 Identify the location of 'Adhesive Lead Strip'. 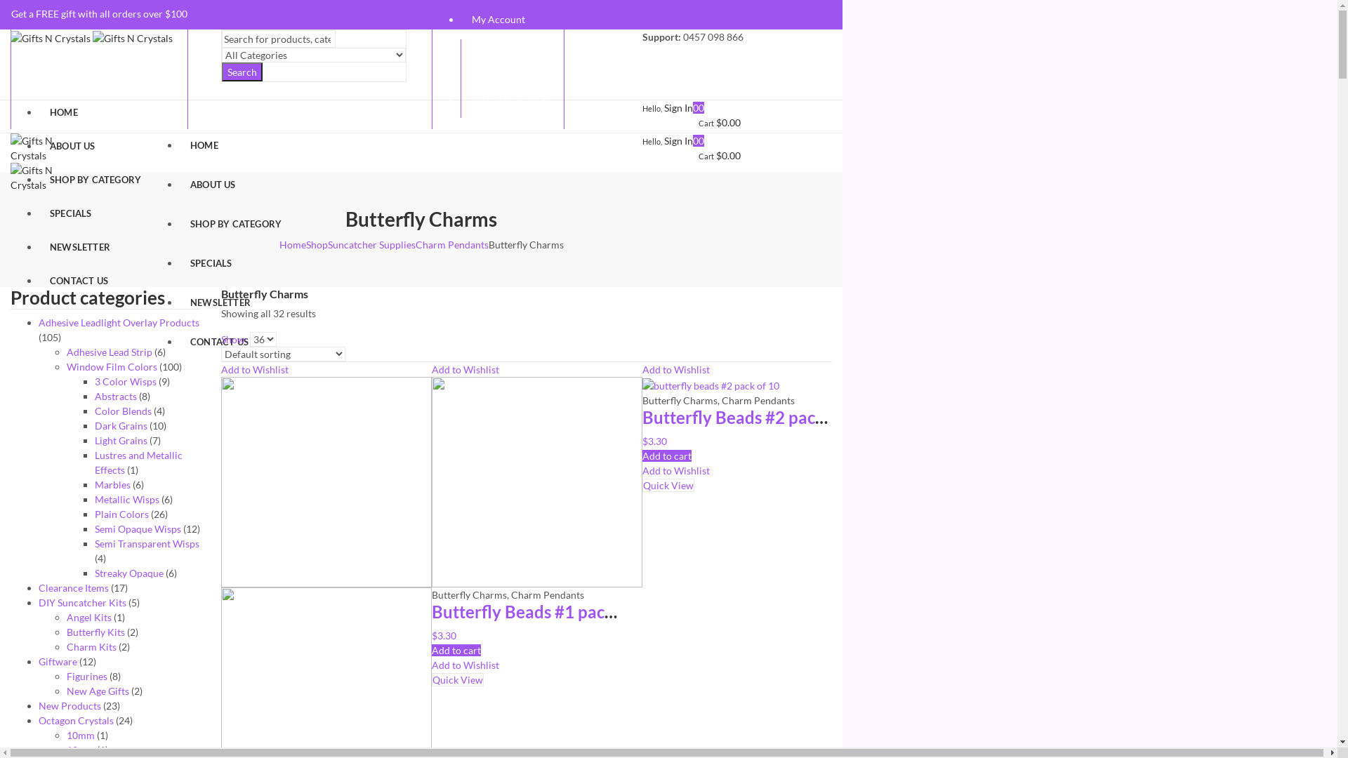
(109, 351).